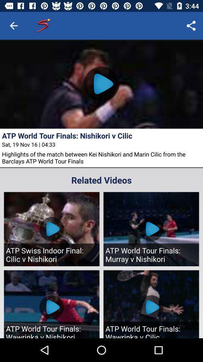 The width and height of the screenshot is (203, 362). What do you see at coordinates (101, 84) in the screenshot?
I see `the play icon` at bounding box center [101, 84].